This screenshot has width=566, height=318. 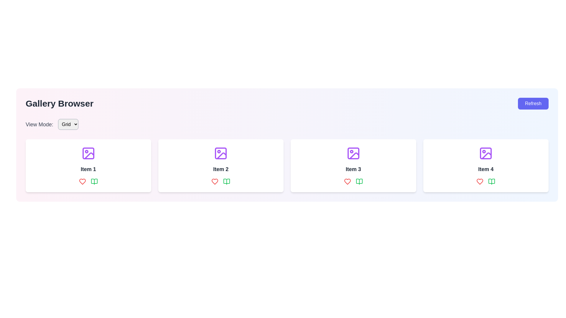 I want to click on the decorative icon resembling a picture frame with a mountain and a circular sun symbol, which is prominently located at the top-center of the card labeled 'Item 4', so click(x=486, y=153).